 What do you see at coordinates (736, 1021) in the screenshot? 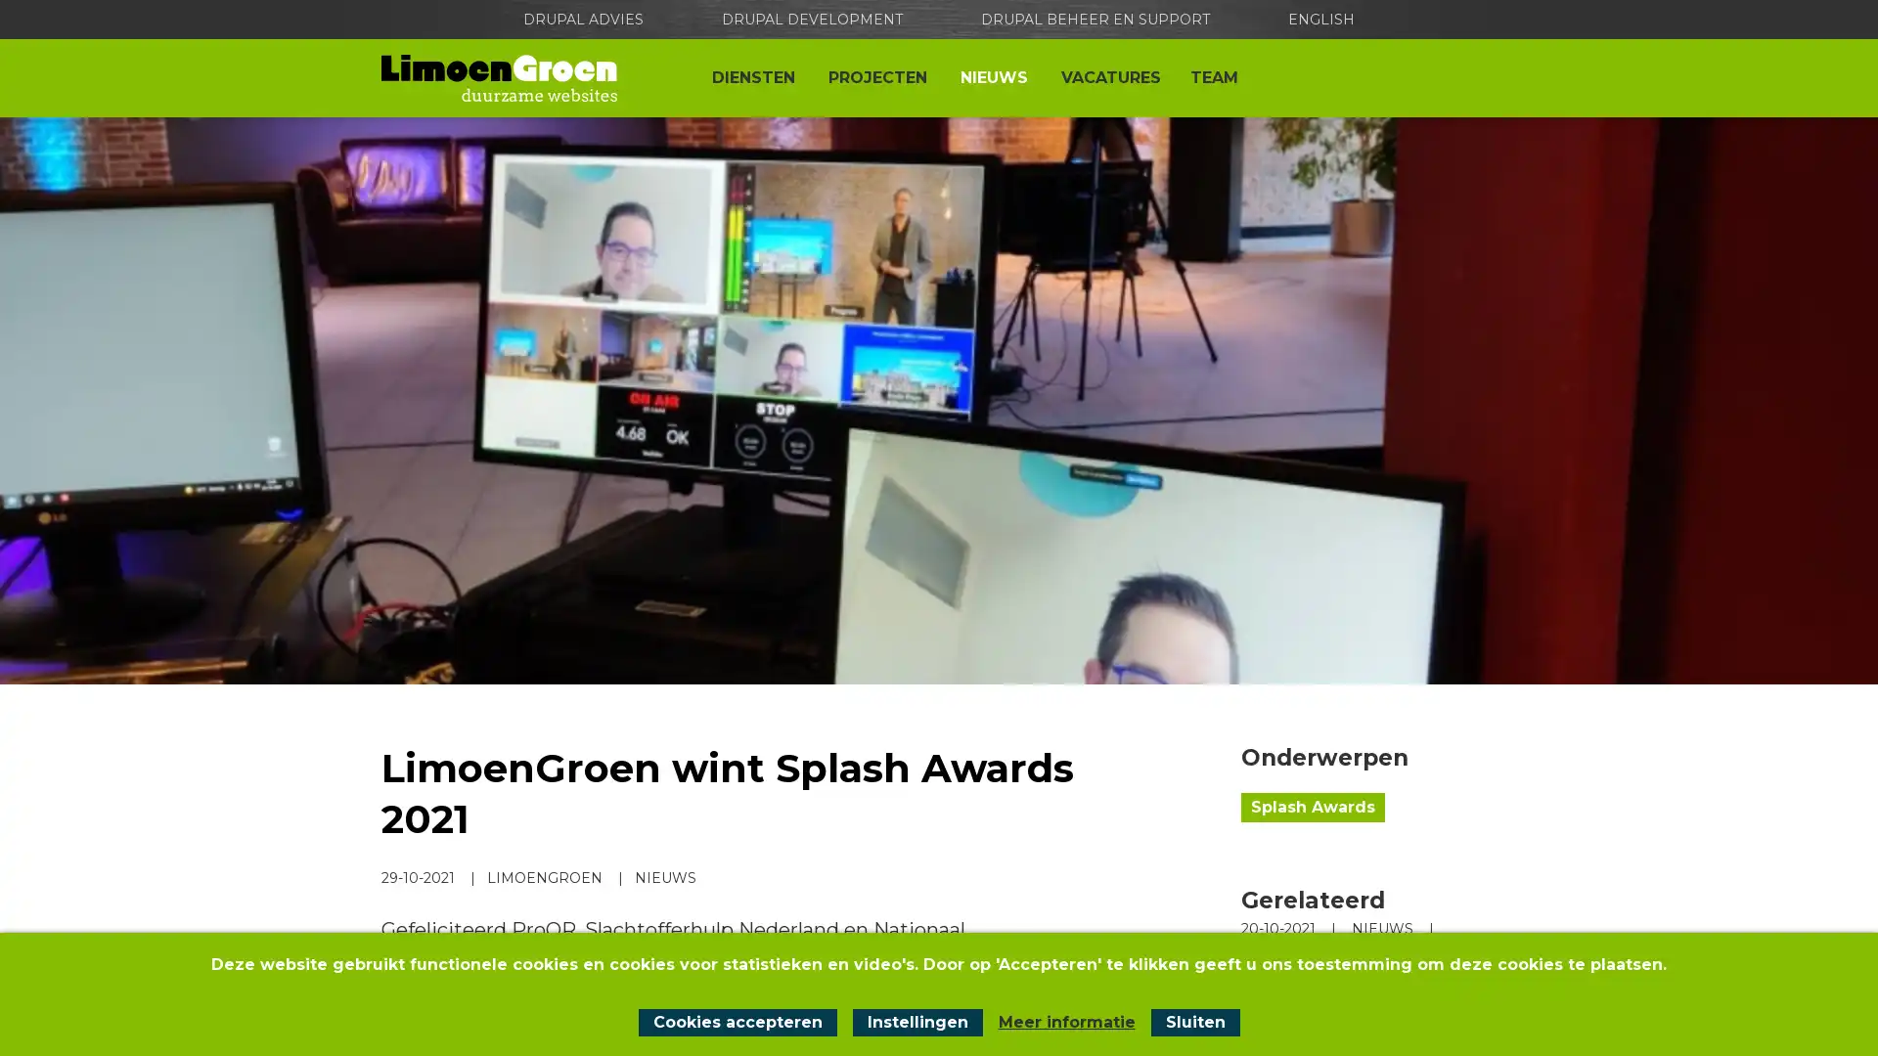
I see `Cookies accepteren` at bounding box center [736, 1021].